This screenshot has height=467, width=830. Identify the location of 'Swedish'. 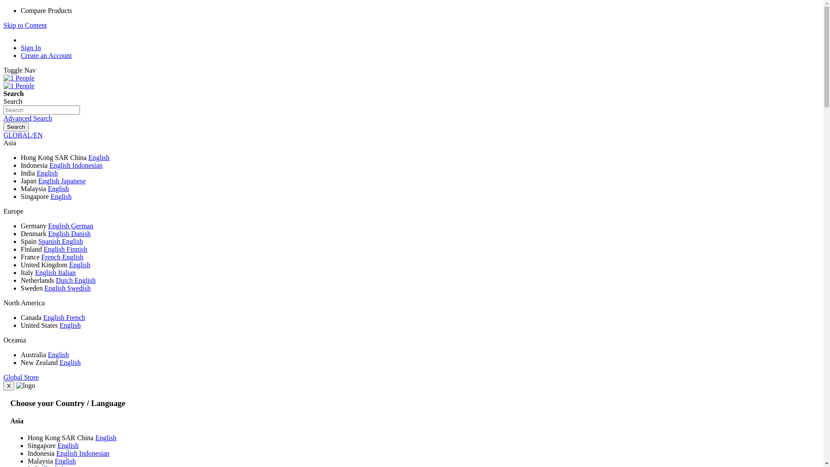
(79, 288).